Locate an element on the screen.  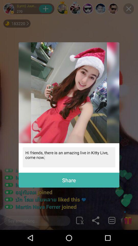
item above the share icon is located at coordinates (69, 157).